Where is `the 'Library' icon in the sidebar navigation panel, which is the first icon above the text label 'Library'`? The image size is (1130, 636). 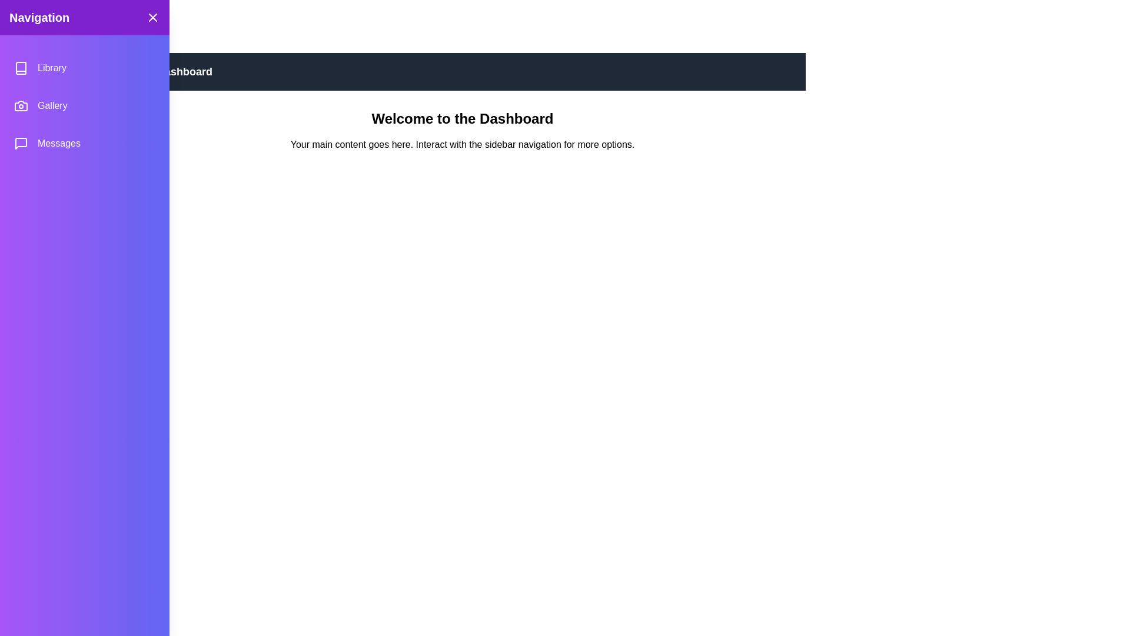 the 'Library' icon in the sidebar navigation panel, which is the first icon above the text label 'Library' is located at coordinates (21, 68).